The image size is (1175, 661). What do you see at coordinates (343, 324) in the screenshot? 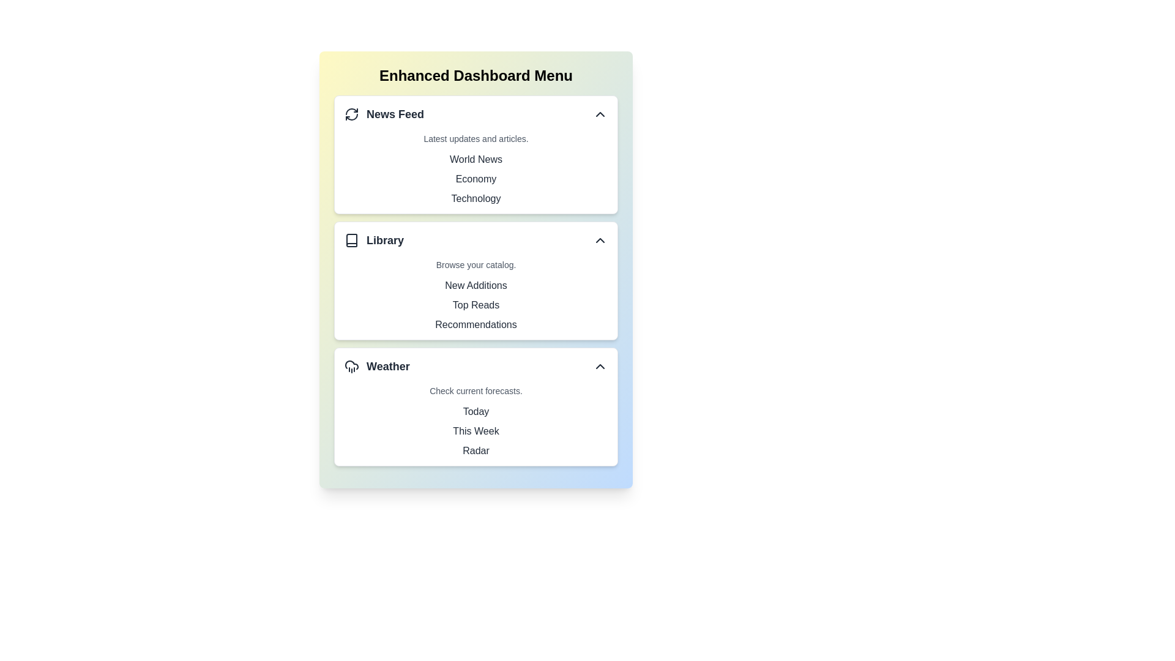
I see `the item Recommendations within the section Library` at bounding box center [343, 324].